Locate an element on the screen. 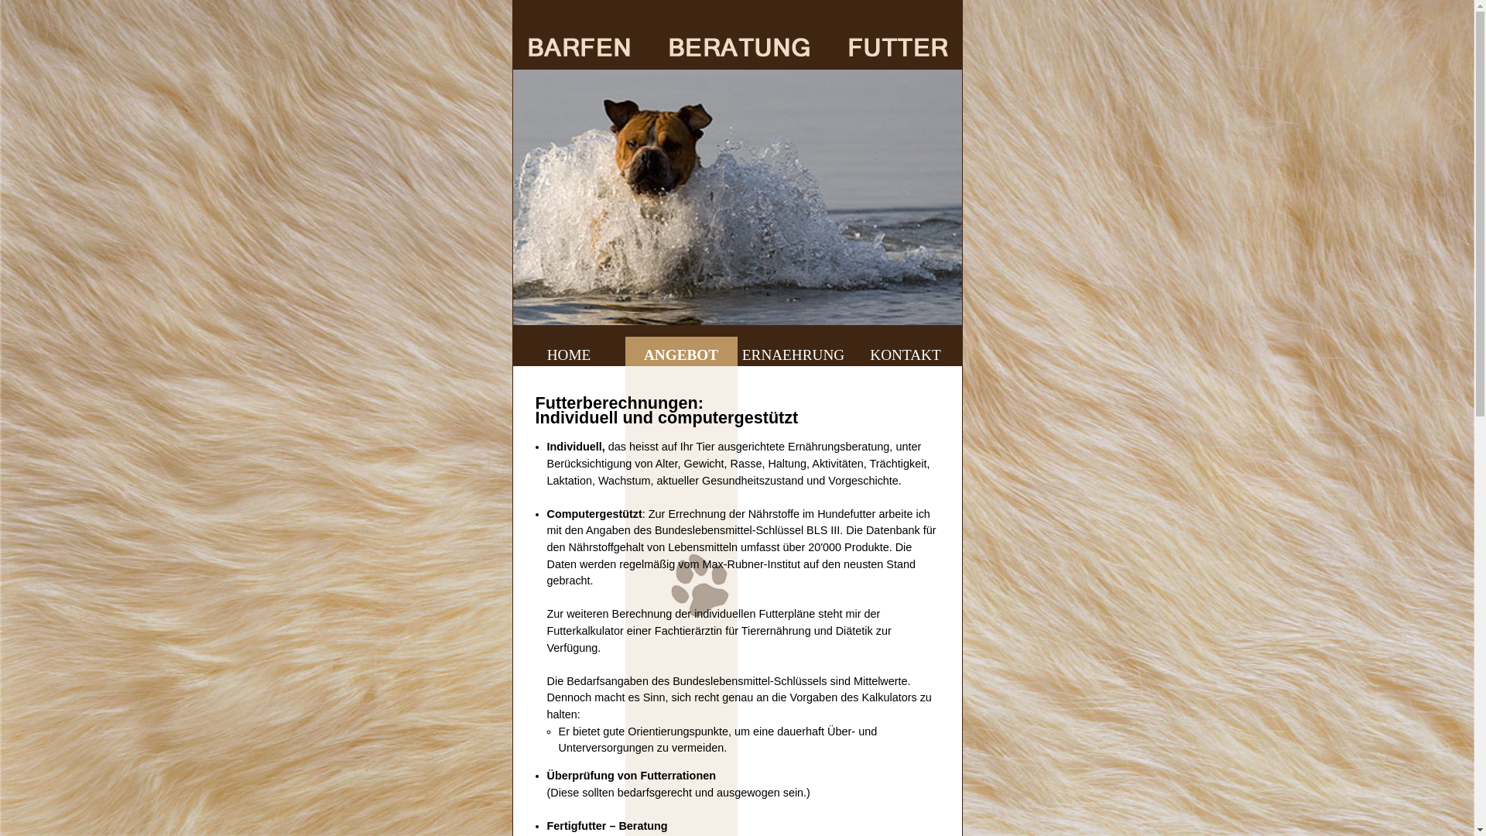 Image resolution: width=1486 pixels, height=836 pixels. 'ANGEBOT' is located at coordinates (681, 351).